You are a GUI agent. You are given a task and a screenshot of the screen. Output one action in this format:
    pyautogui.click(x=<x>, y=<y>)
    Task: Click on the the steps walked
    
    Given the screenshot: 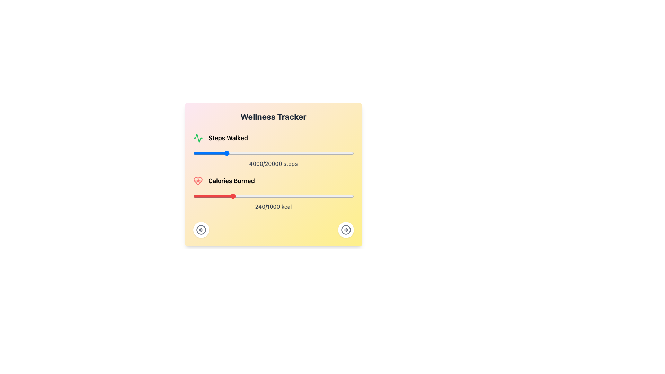 What is the action you would take?
    pyautogui.click(x=294, y=153)
    